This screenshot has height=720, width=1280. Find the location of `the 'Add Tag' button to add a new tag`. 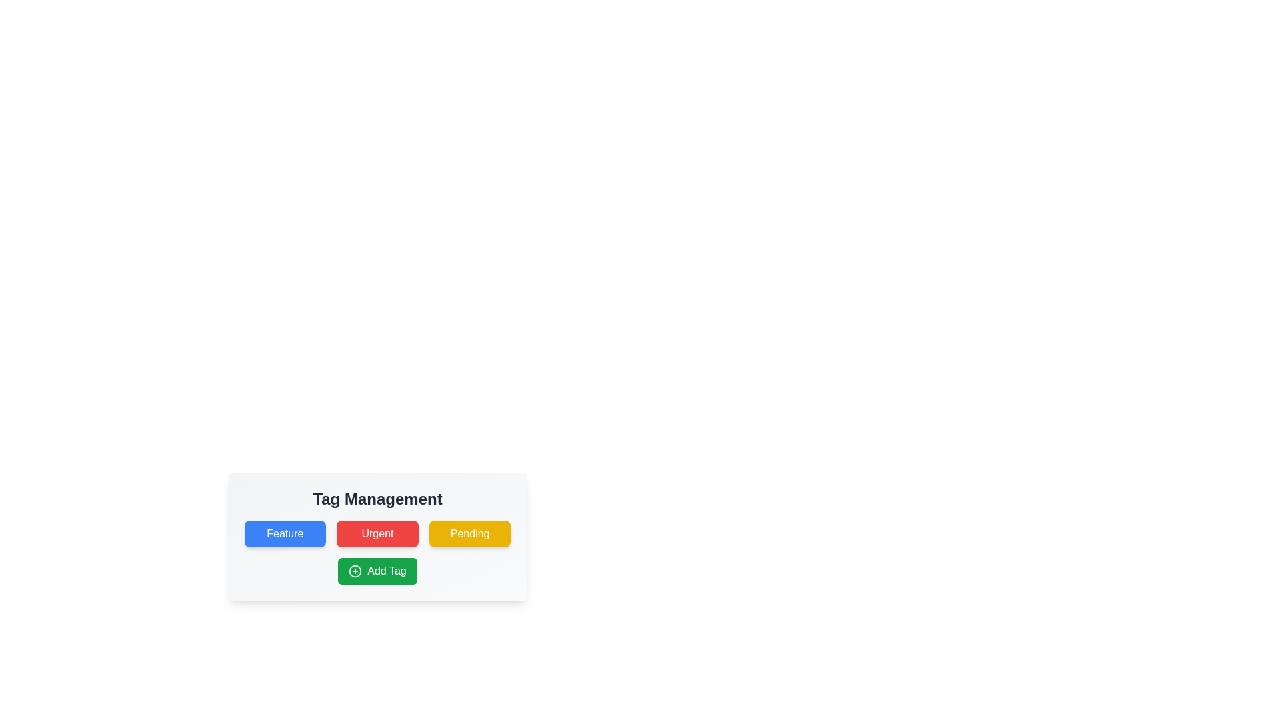

the 'Add Tag' button to add a new tag is located at coordinates (377, 570).